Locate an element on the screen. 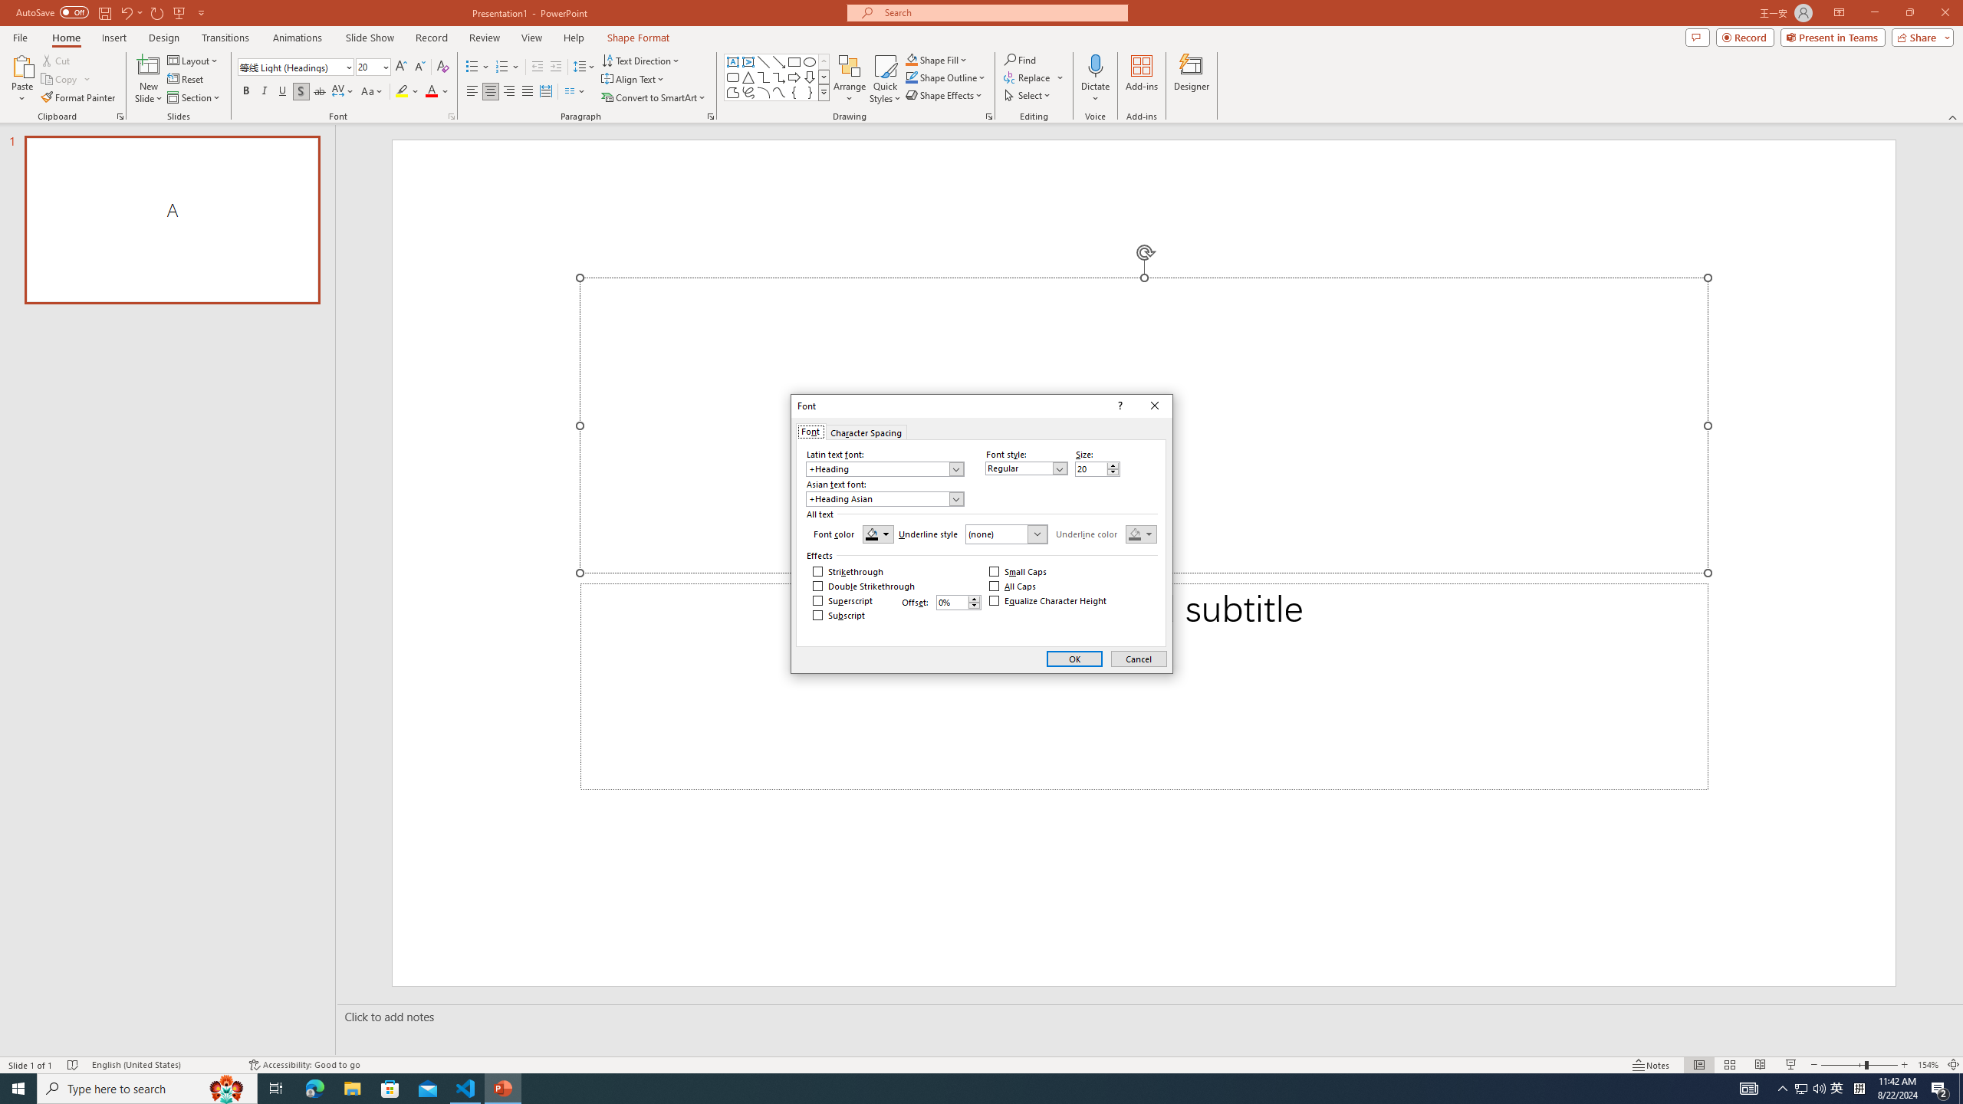 This screenshot has height=1104, width=1963. 'Superscript' is located at coordinates (842, 601).